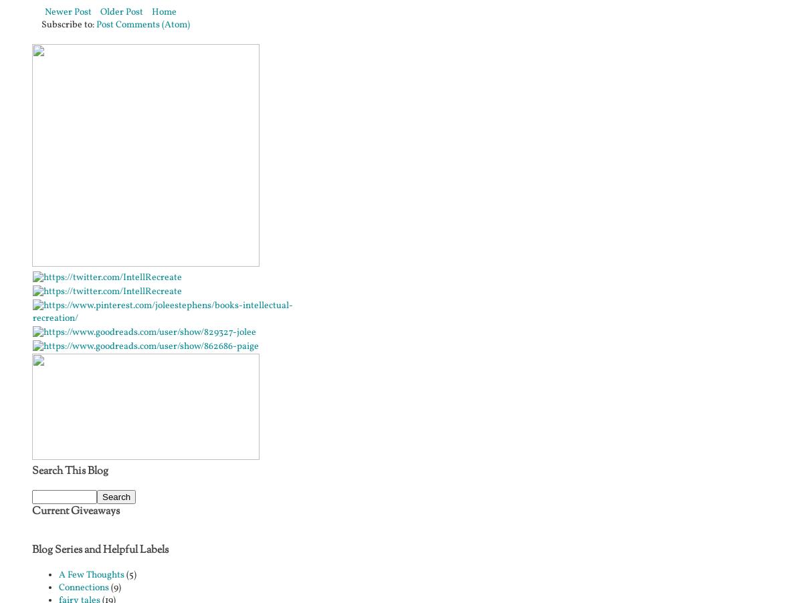 Image resolution: width=808 pixels, height=603 pixels. What do you see at coordinates (164, 11) in the screenshot?
I see `'Home'` at bounding box center [164, 11].